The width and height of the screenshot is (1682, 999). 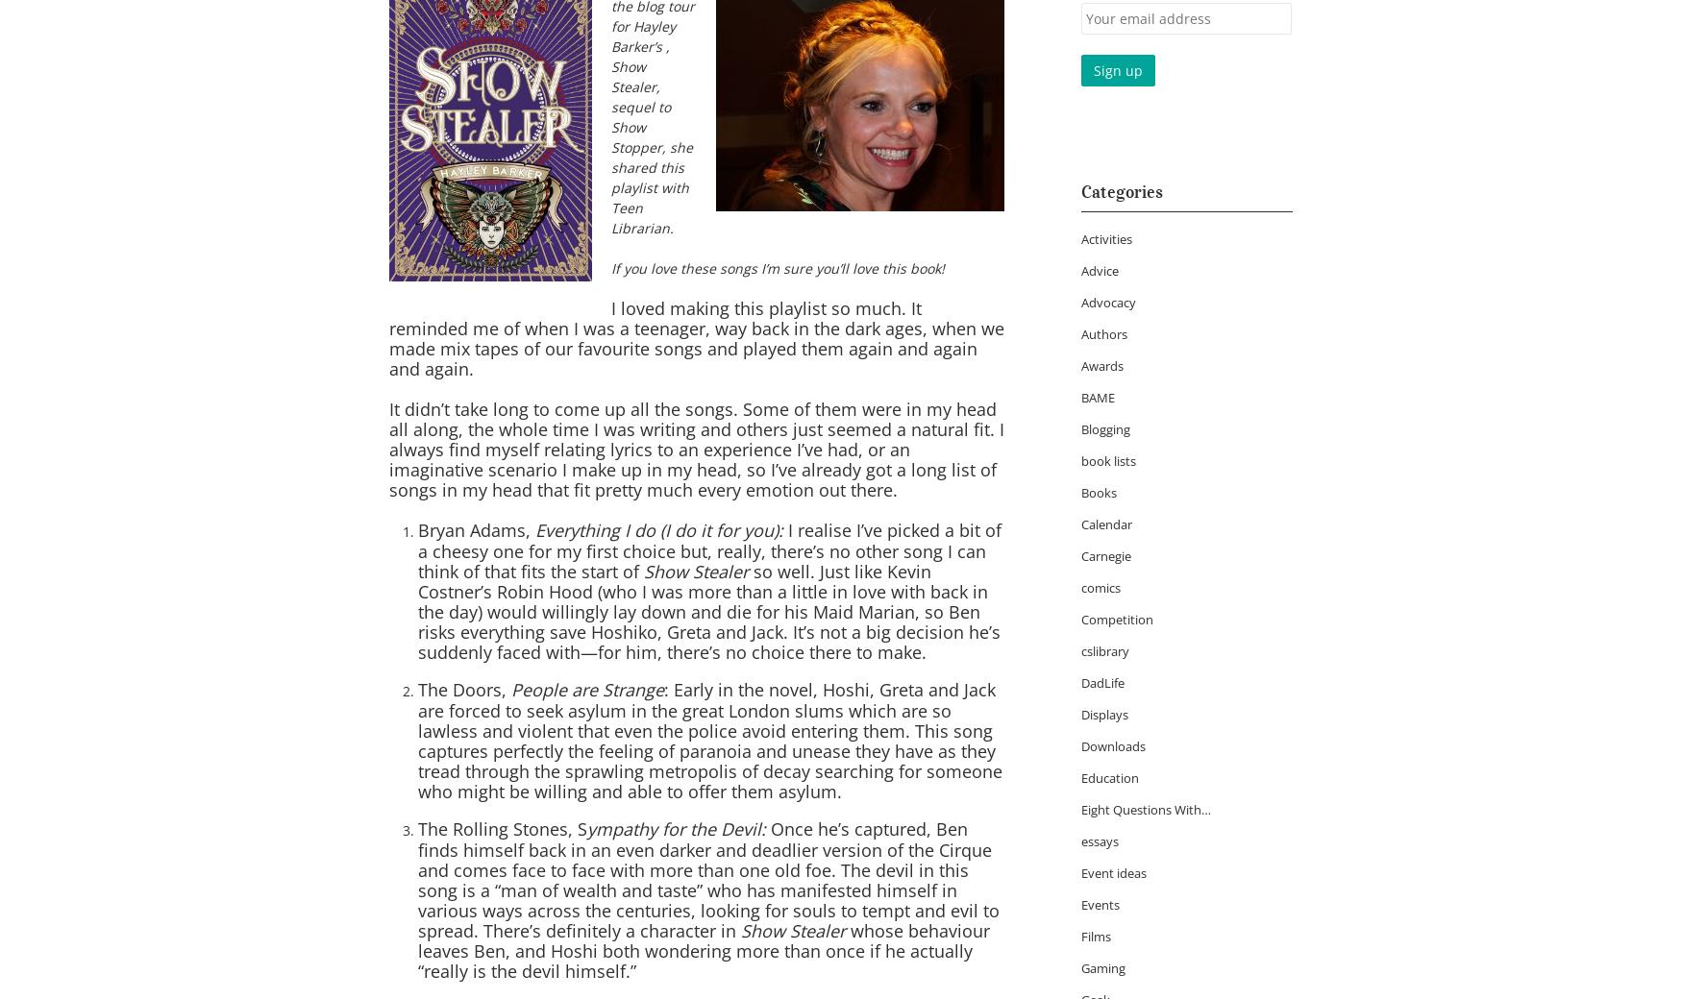 What do you see at coordinates (1103, 715) in the screenshot?
I see `'Displays'` at bounding box center [1103, 715].